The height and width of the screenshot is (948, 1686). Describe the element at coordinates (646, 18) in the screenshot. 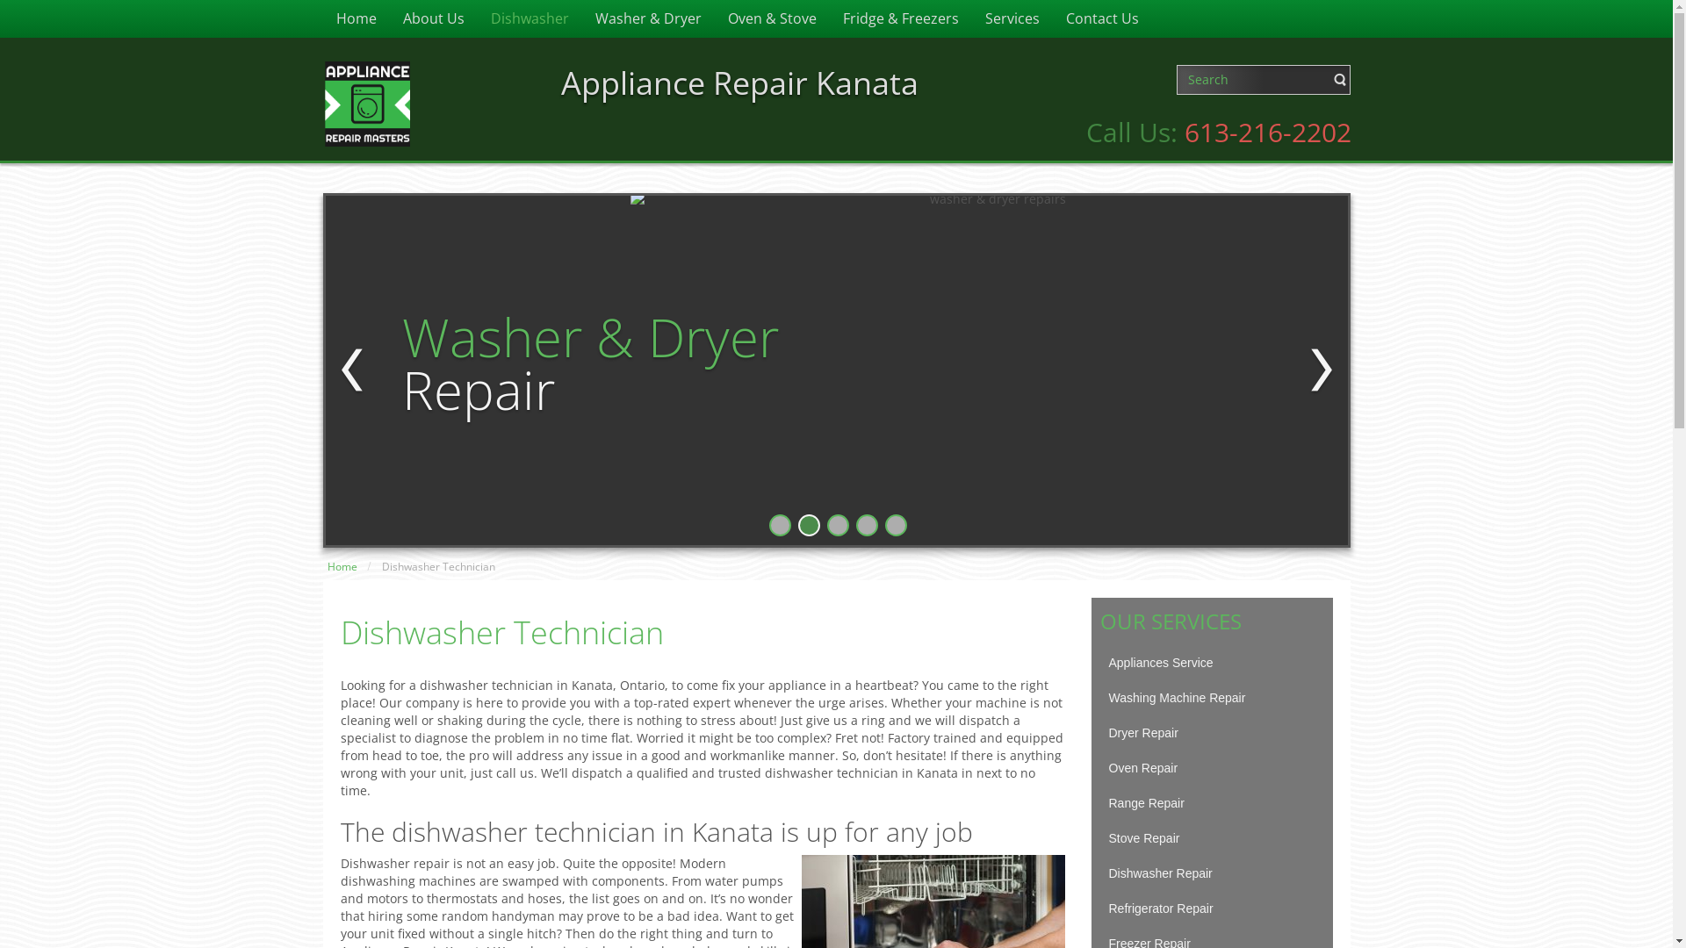

I see `'Washer & Dryer'` at that location.